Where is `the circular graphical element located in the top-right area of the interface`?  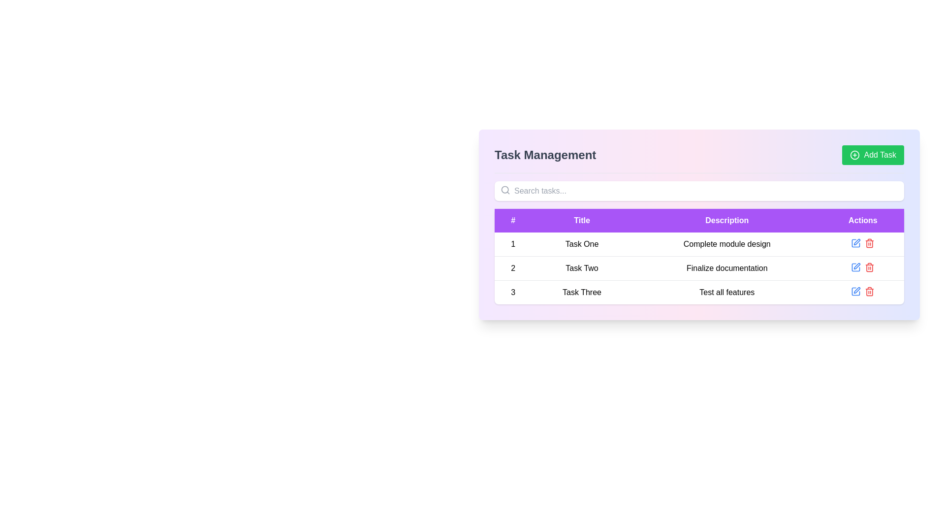 the circular graphical element located in the top-right area of the interface is located at coordinates (854, 155).